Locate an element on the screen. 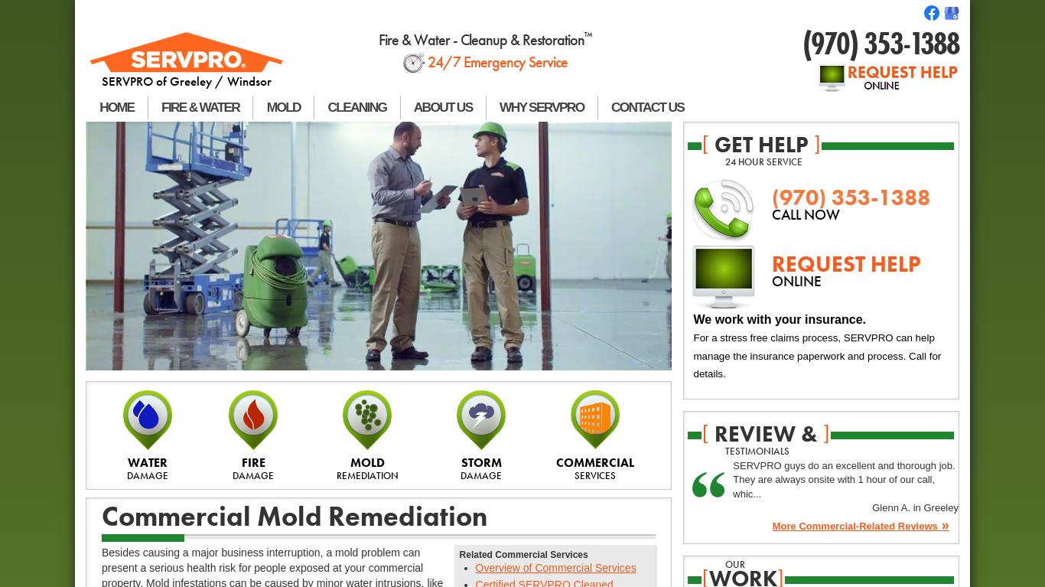 This screenshot has height=587, width=1045. 'testimonials' is located at coordinates (757, 449).